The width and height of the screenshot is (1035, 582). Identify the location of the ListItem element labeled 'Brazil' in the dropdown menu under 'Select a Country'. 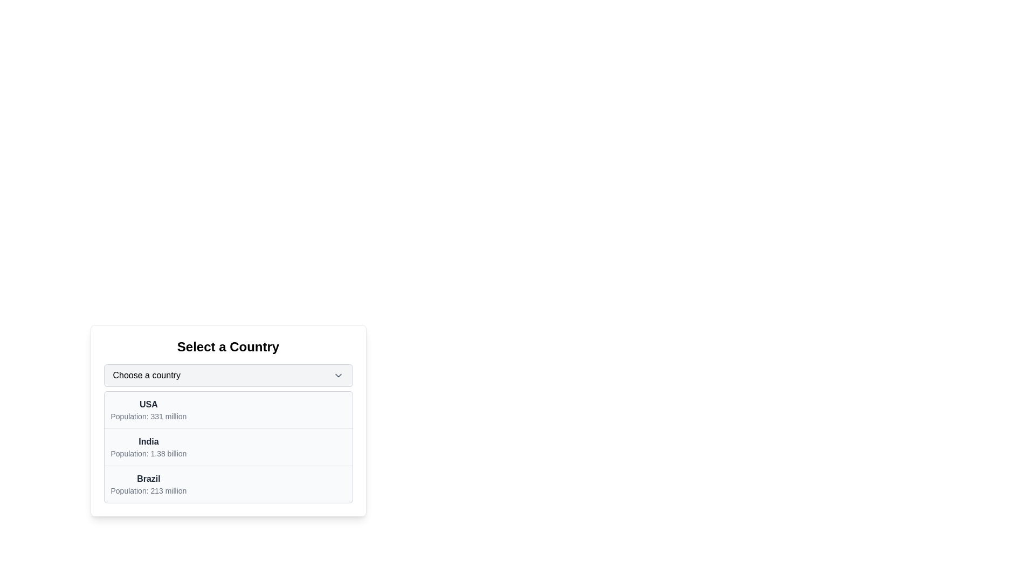
(227, 483).